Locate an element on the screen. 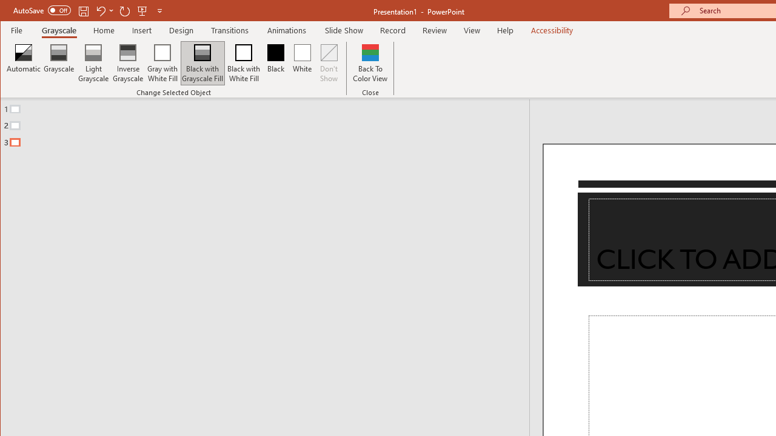 The image size is (776, 436). 'Don' is located at coordinates (329, 63).